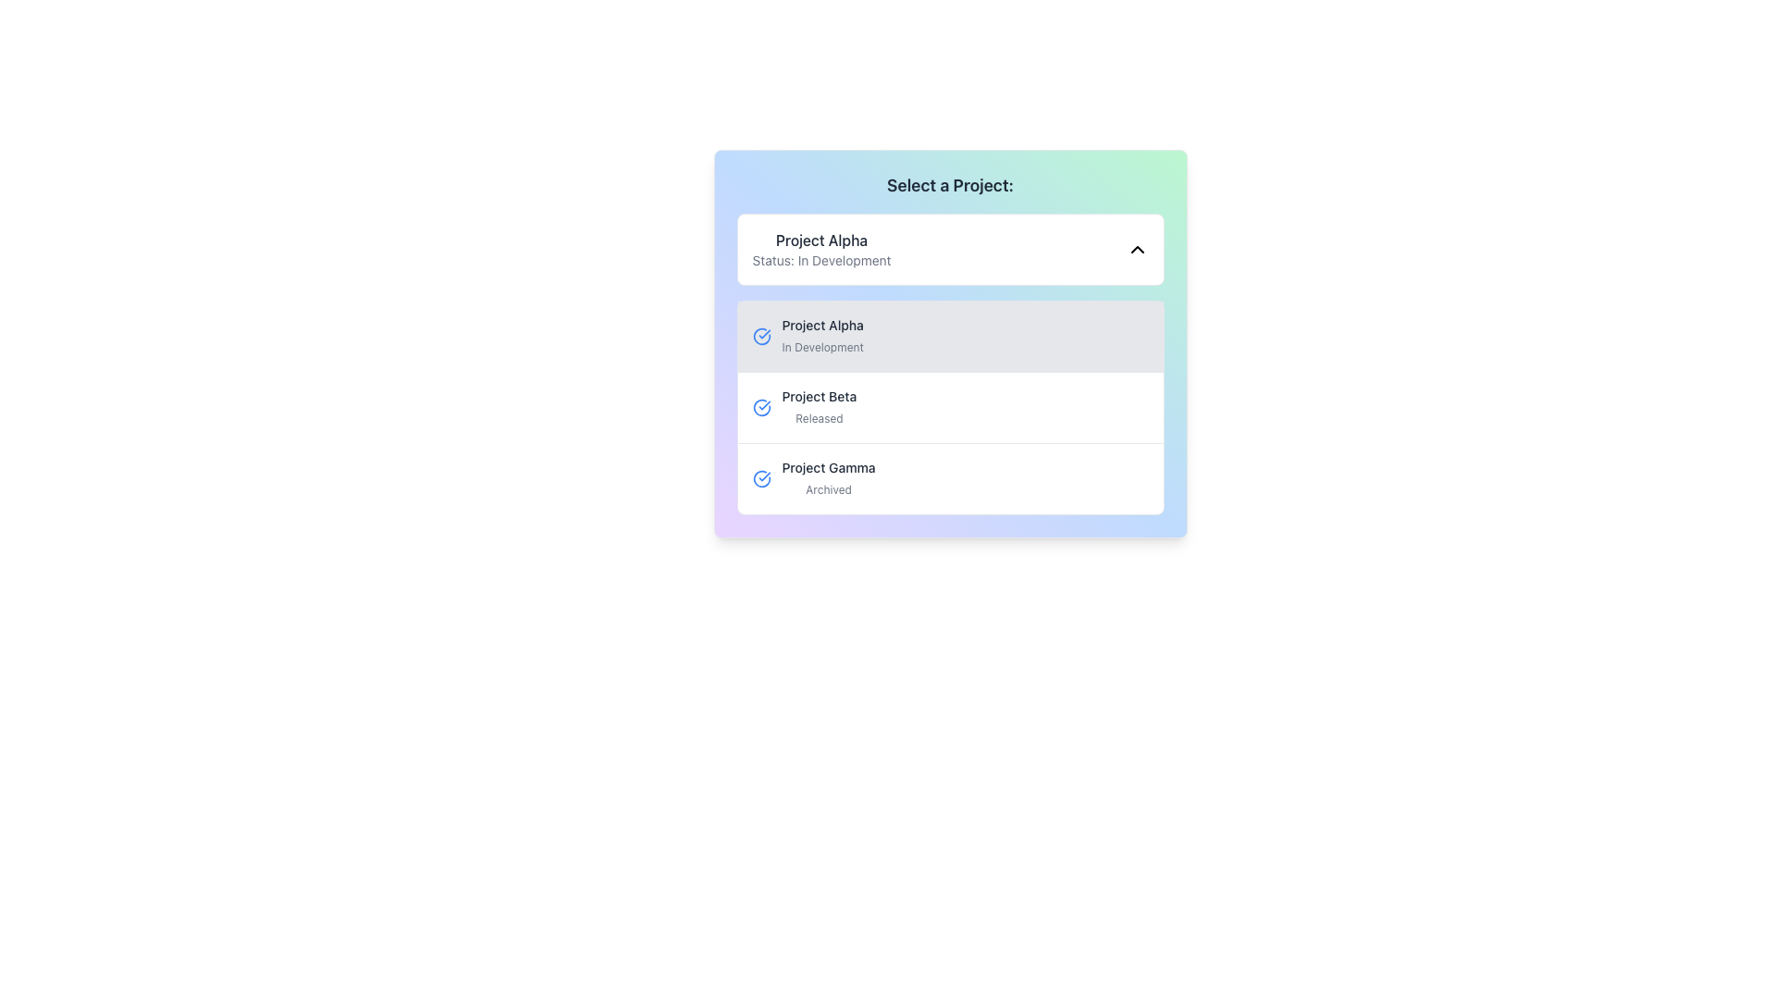  Describe the element at coordinates (950, 336) in the screenshot. I see `the first clickable list item labeled 'Project Alpha' which displays its status as 'In Development'` at that location.